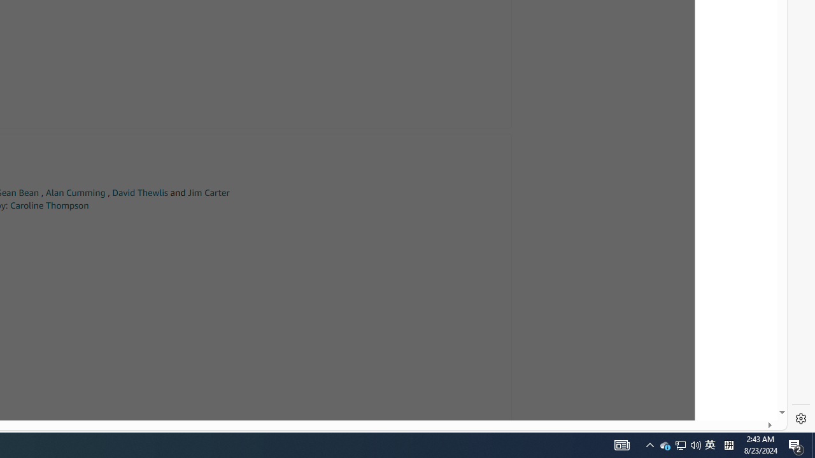 The height and width of the screenshot is (458, 815). What do you see at coordinates (74, 193) in the screenshot?
I see `'Alan Cumming'` at bounding box center [74, 193].